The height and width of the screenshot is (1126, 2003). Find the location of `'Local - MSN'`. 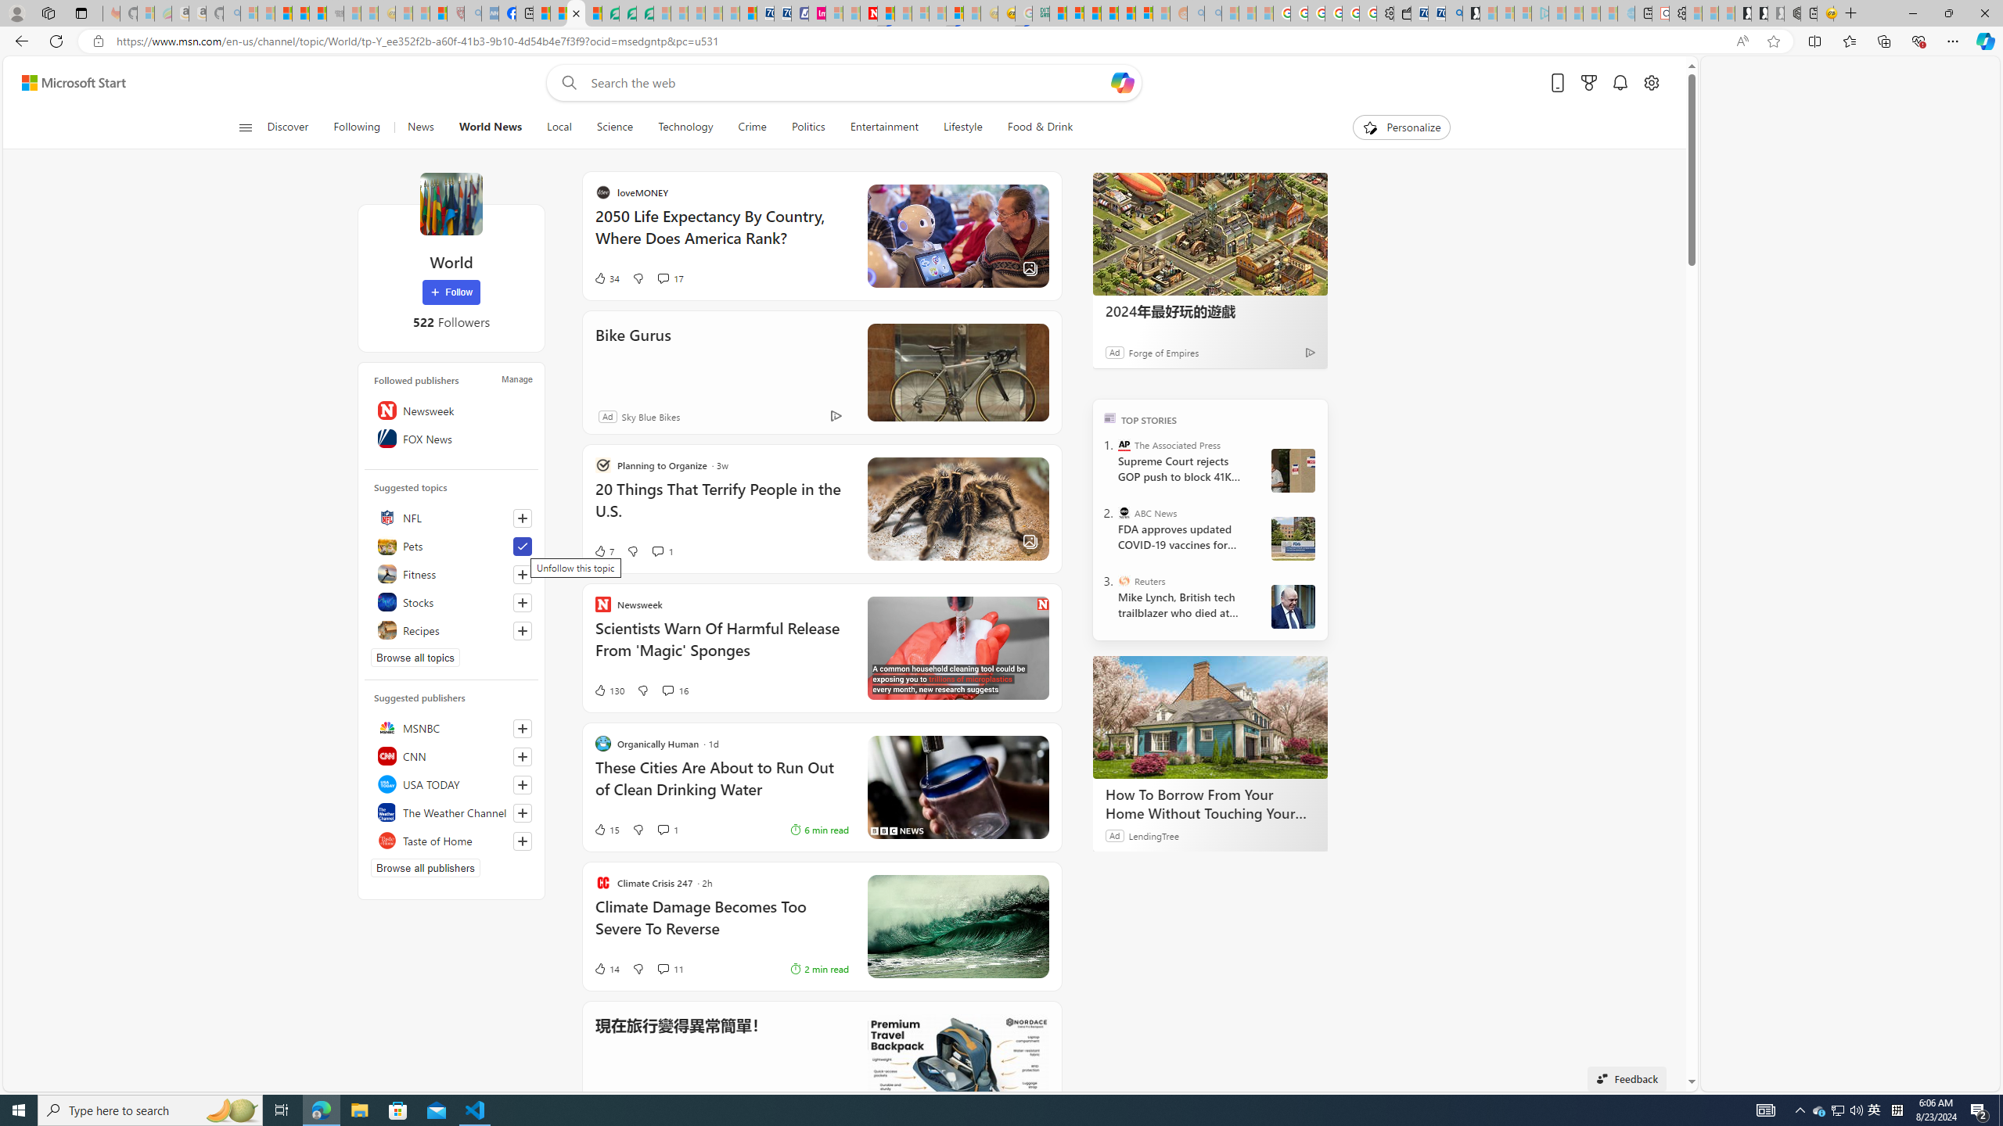

'Local - MSN' is located at coordinates (437, 13).